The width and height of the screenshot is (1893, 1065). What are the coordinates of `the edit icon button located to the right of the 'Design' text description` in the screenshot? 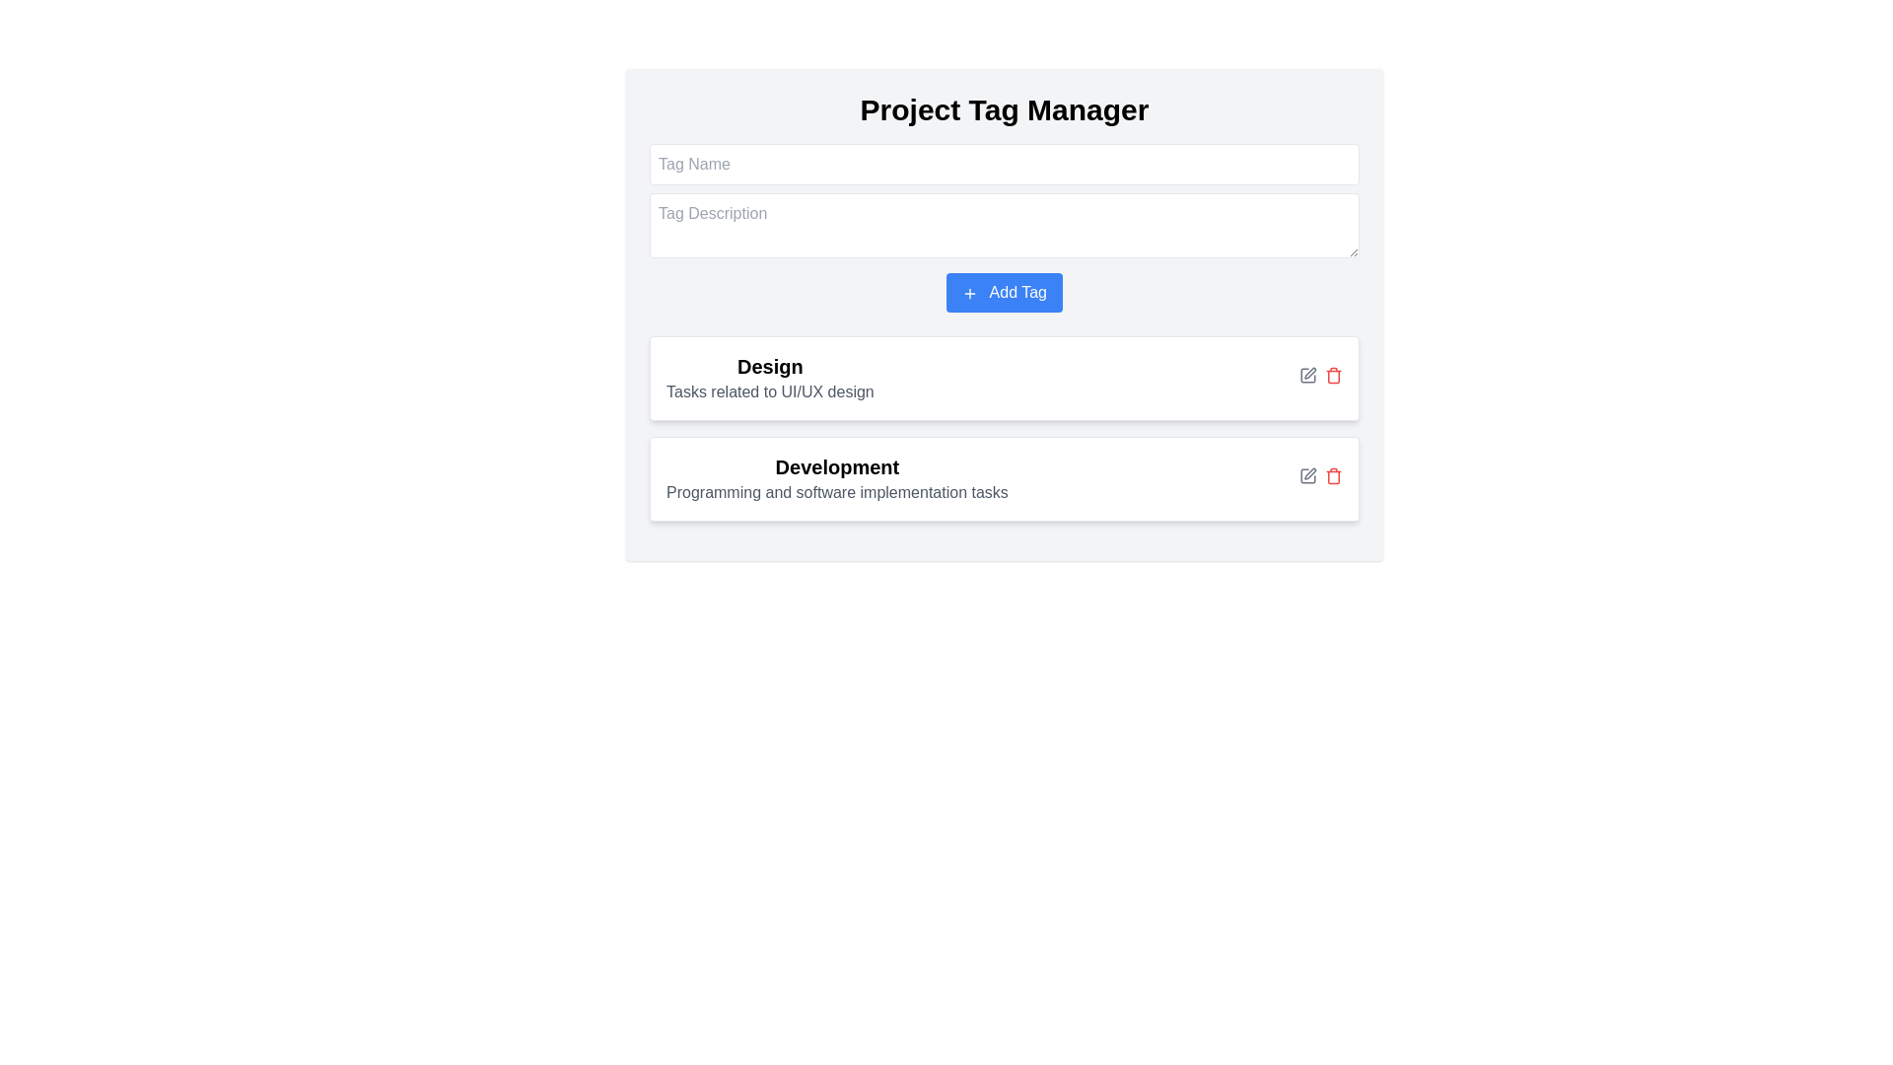 It's located at (1307, 475).